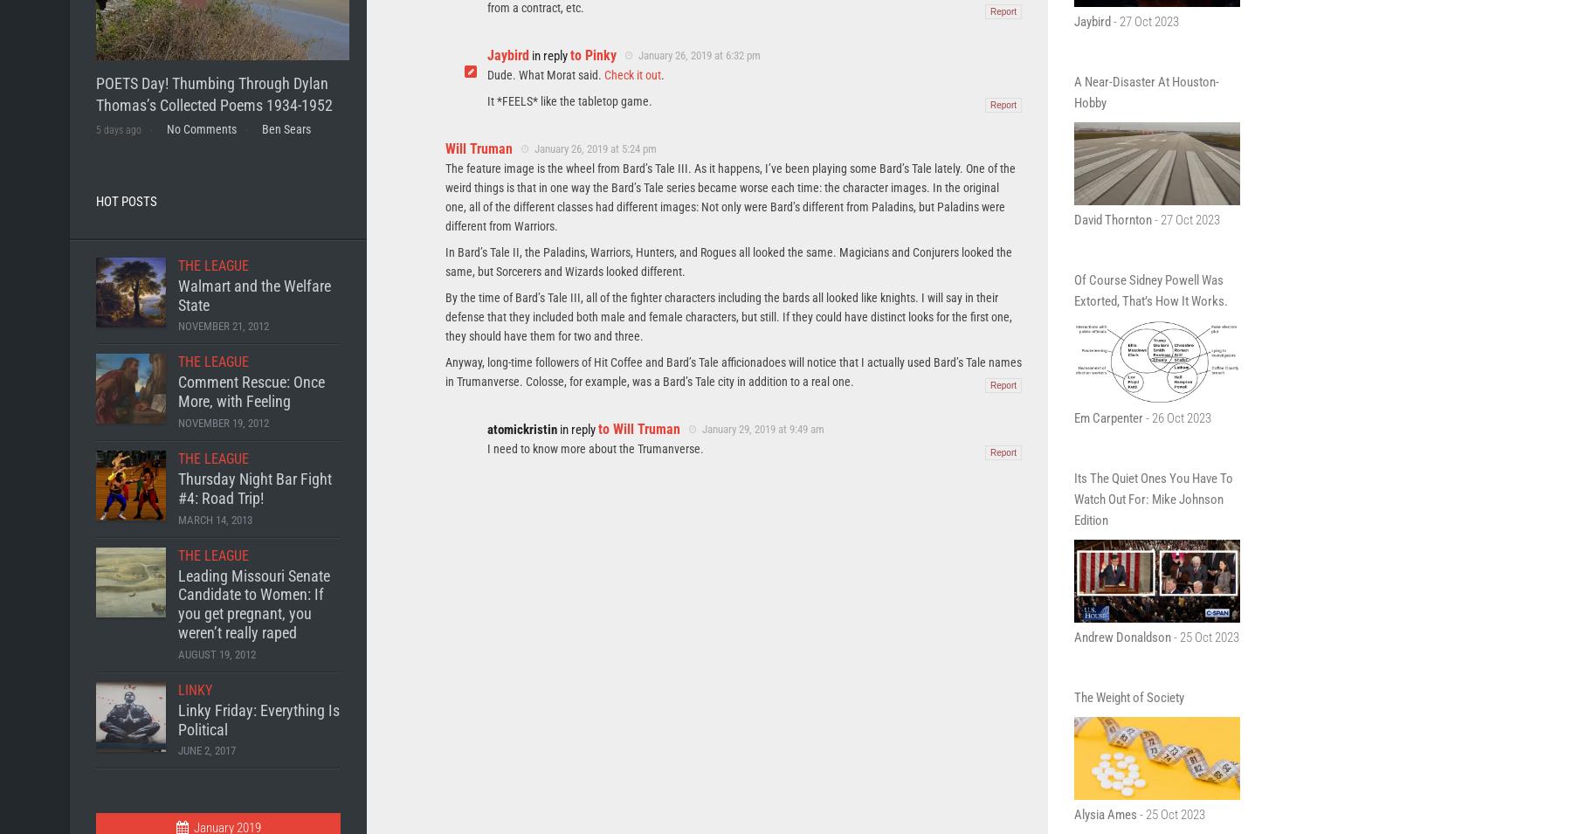 The image size is (1572, 834). What do you see at coordinates (521, 428) in the screenshot?
I see `'atomickristin'` at bounding box center [521, 428].